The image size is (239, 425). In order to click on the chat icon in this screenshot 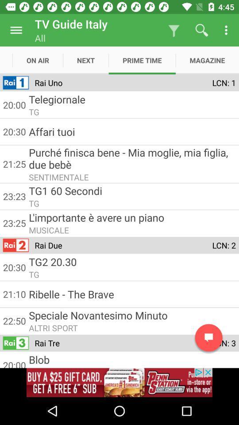, I will do `click(208, 337)`.